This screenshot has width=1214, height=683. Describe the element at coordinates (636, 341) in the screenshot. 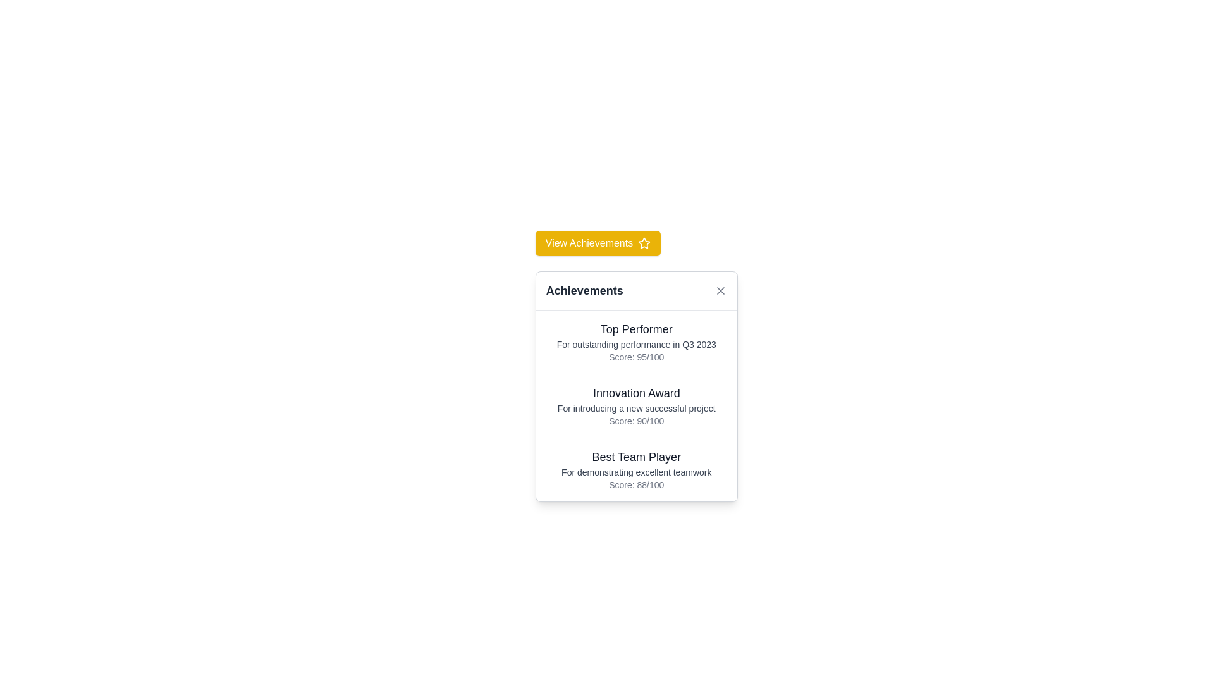

I see `information presented in the 'Top Performer' Informational Display Block, which includes the heading and performance score` at that location.